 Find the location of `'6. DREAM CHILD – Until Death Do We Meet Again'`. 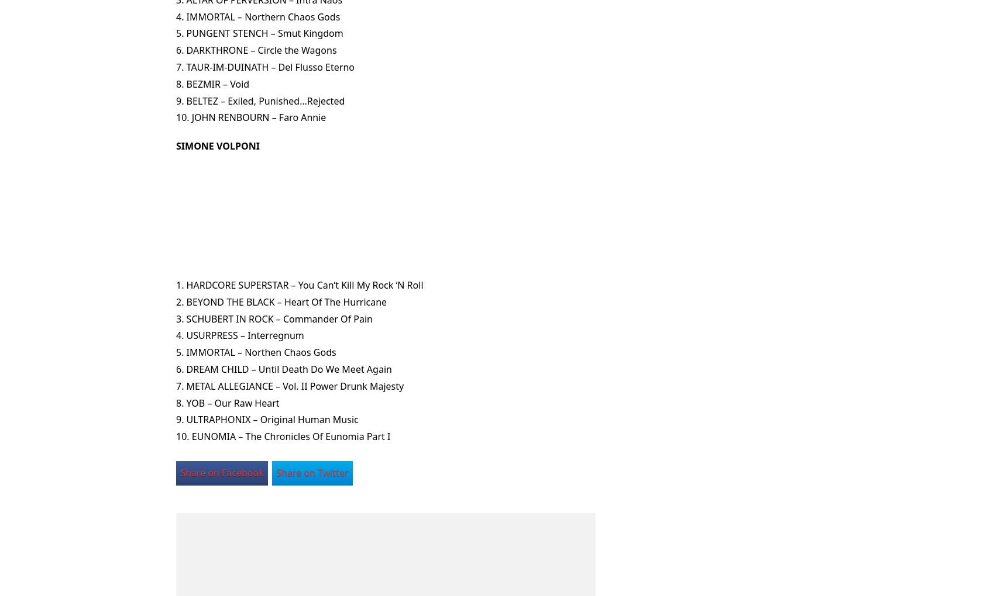

'6. DREAM CHILD – Until Death Do We Meet Again' is located at coordinates (176, 368).